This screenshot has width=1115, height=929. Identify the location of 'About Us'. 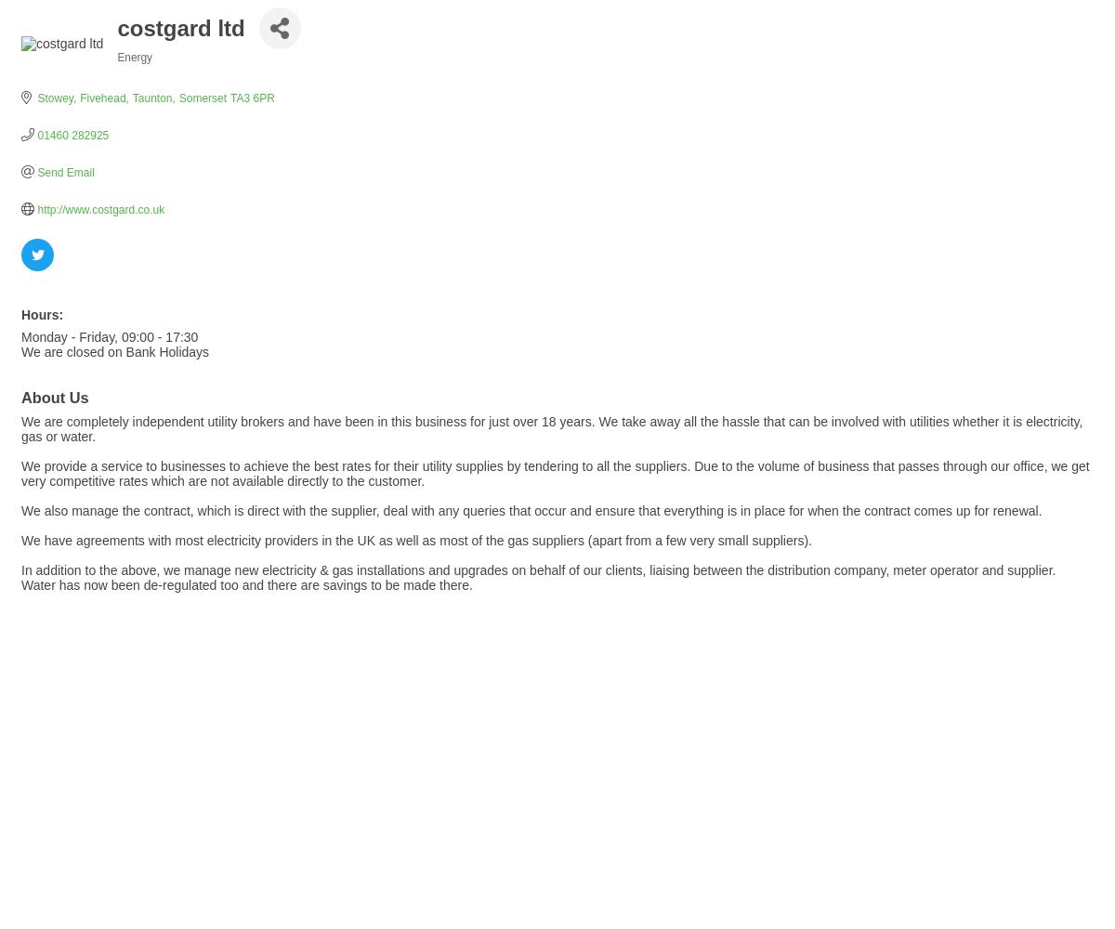
(55, 398).